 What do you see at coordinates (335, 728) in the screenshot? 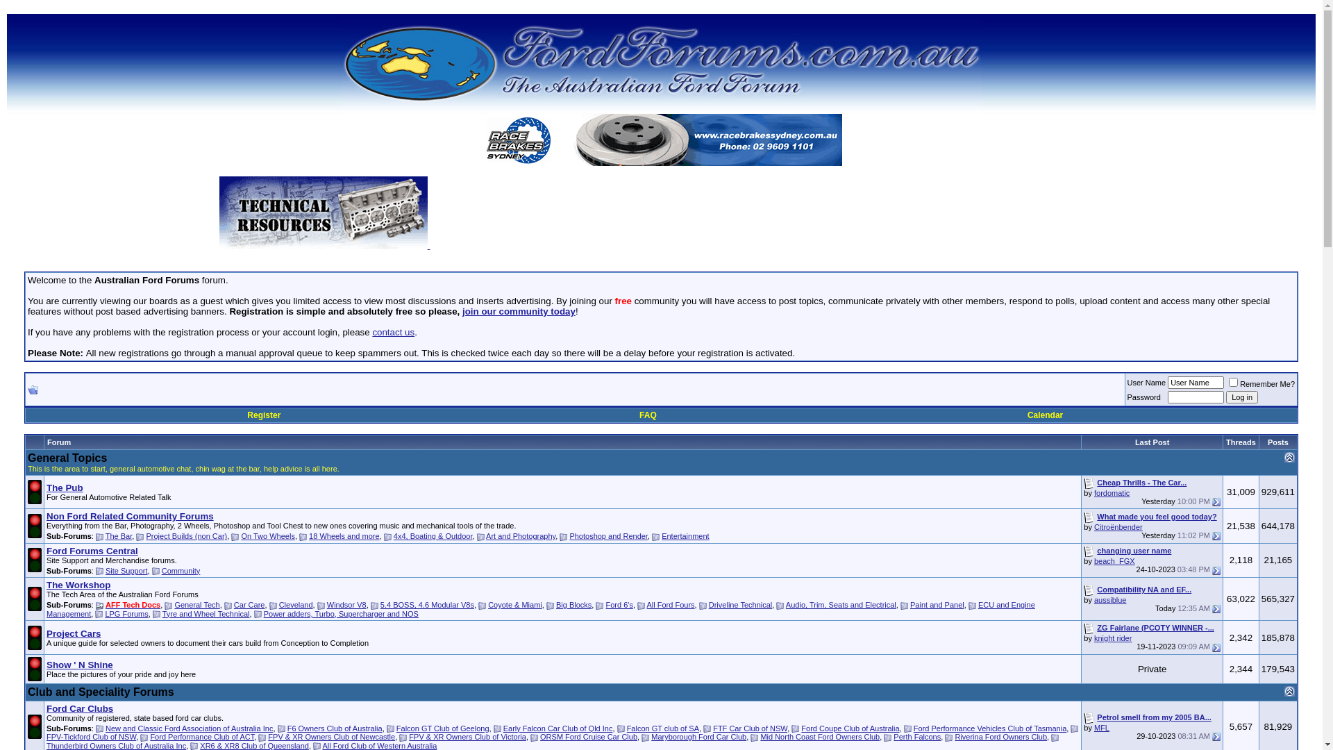
I see `'F6 Owners Club of Australia'` at bounding box center [335, 728].